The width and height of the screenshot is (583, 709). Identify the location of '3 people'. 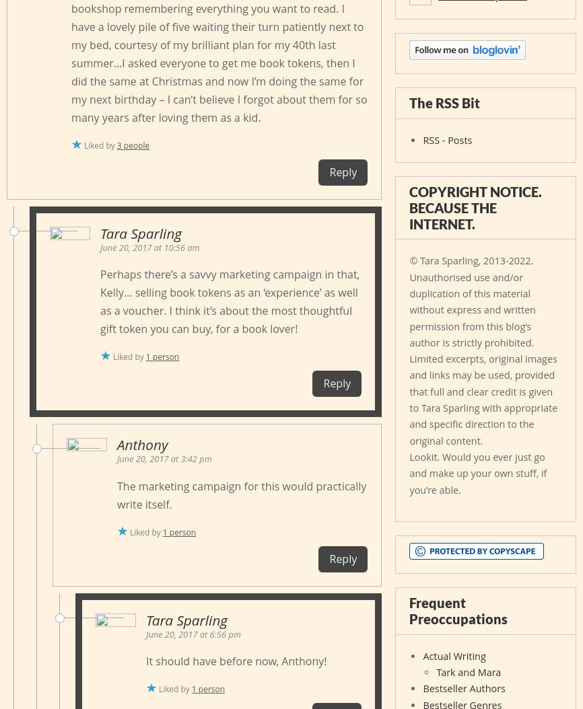
(116, 145).